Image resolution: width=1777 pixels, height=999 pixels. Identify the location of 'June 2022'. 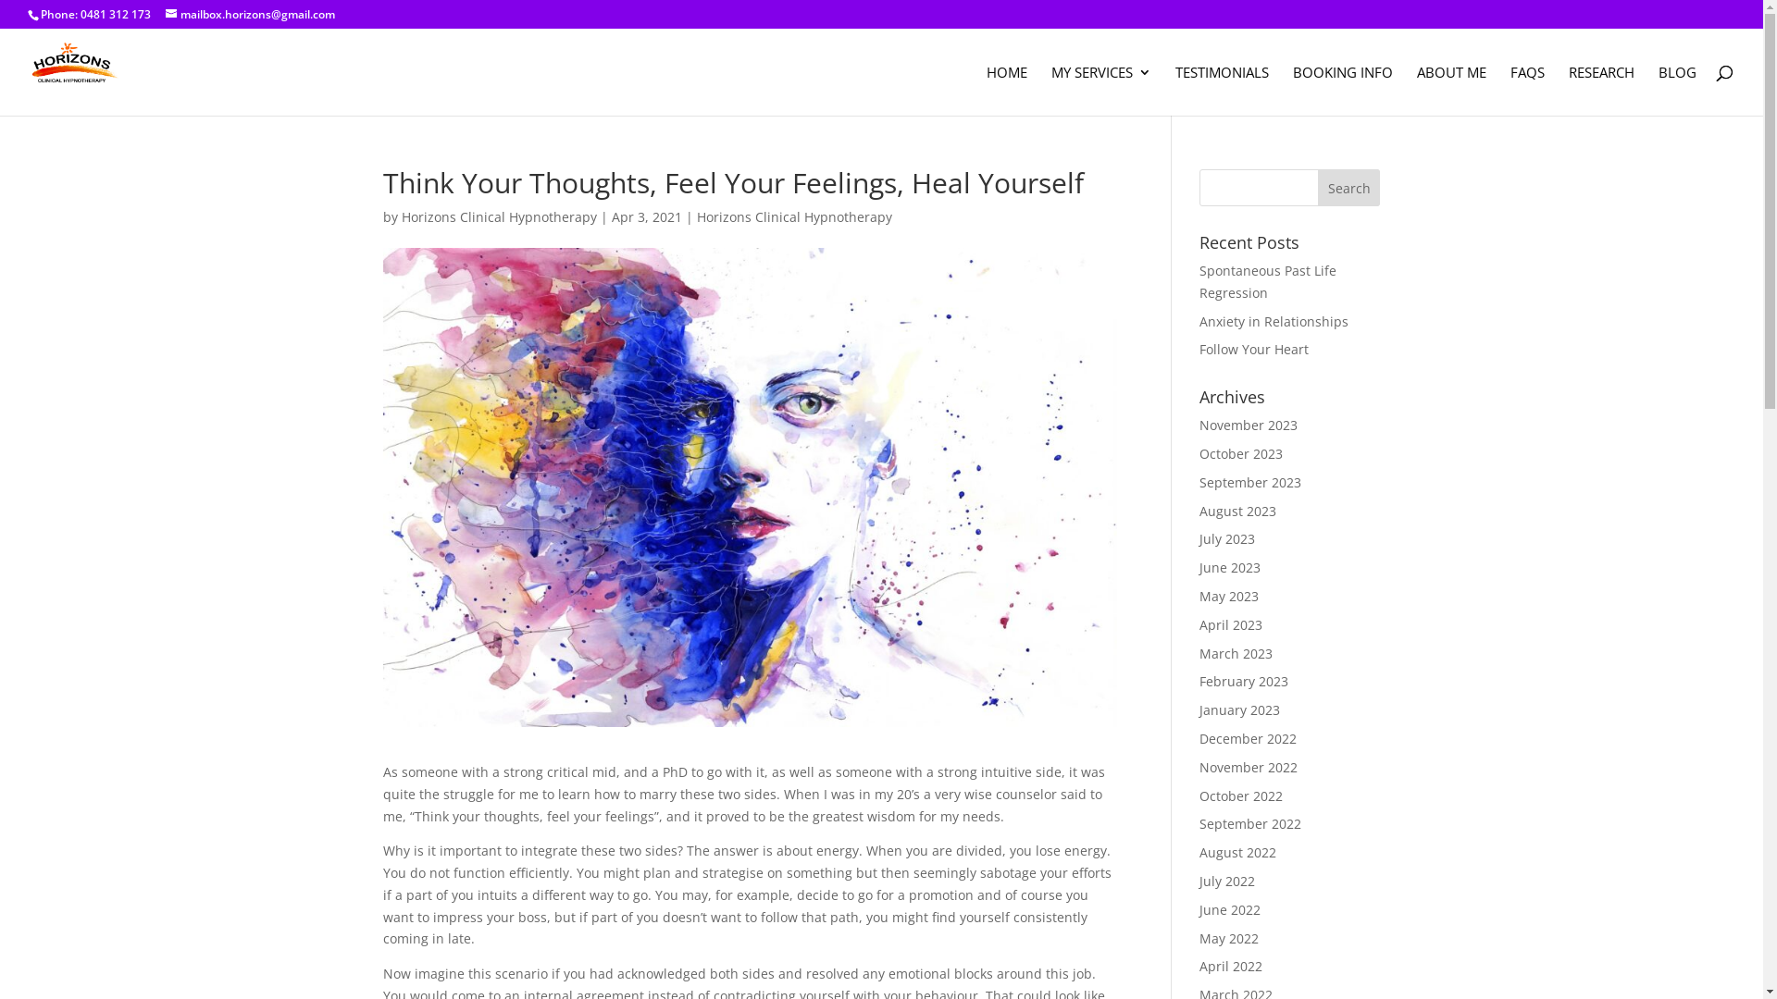
(1199, 908).